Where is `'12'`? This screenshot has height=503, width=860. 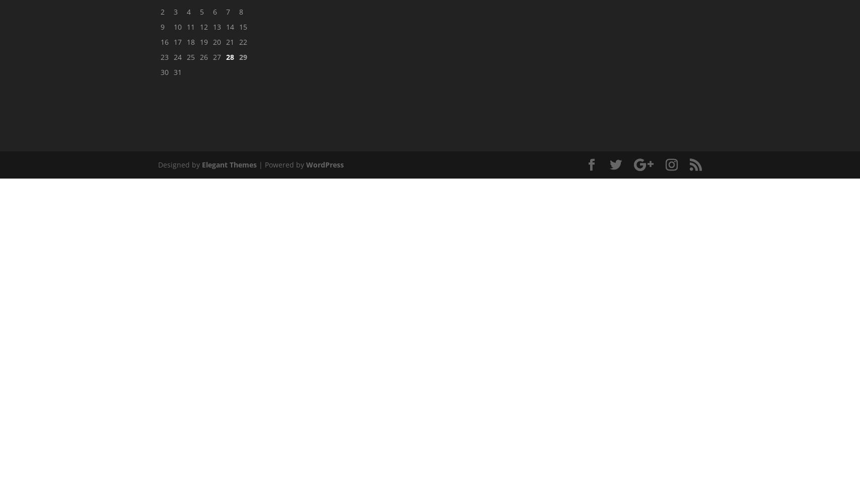 '12' is located at coordinates (203, 27).